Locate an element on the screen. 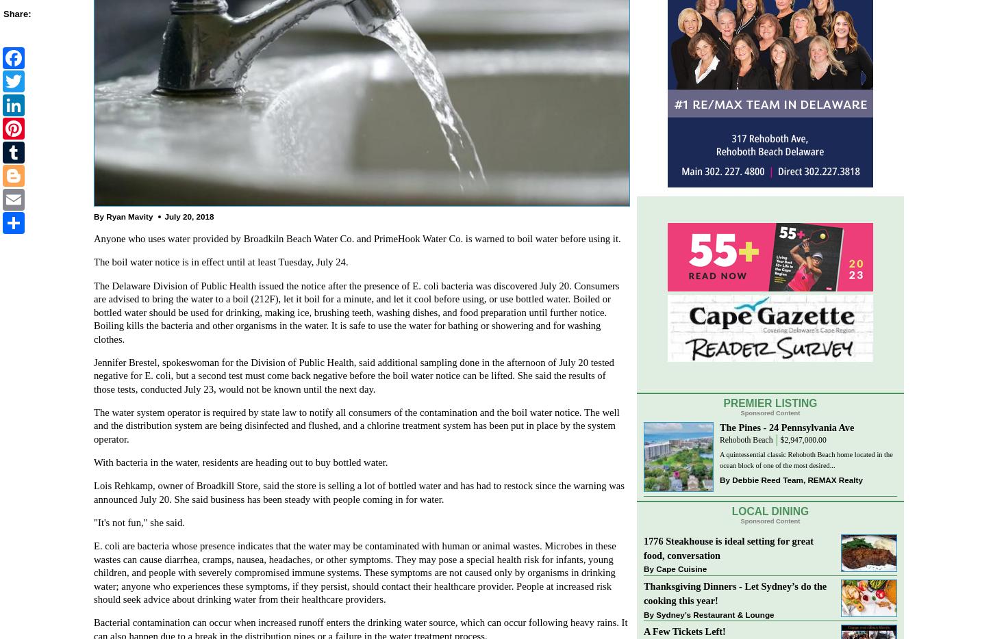 The height and width of the screenshot is (639, 993). 'Email' is located at coordinates (51, 196).